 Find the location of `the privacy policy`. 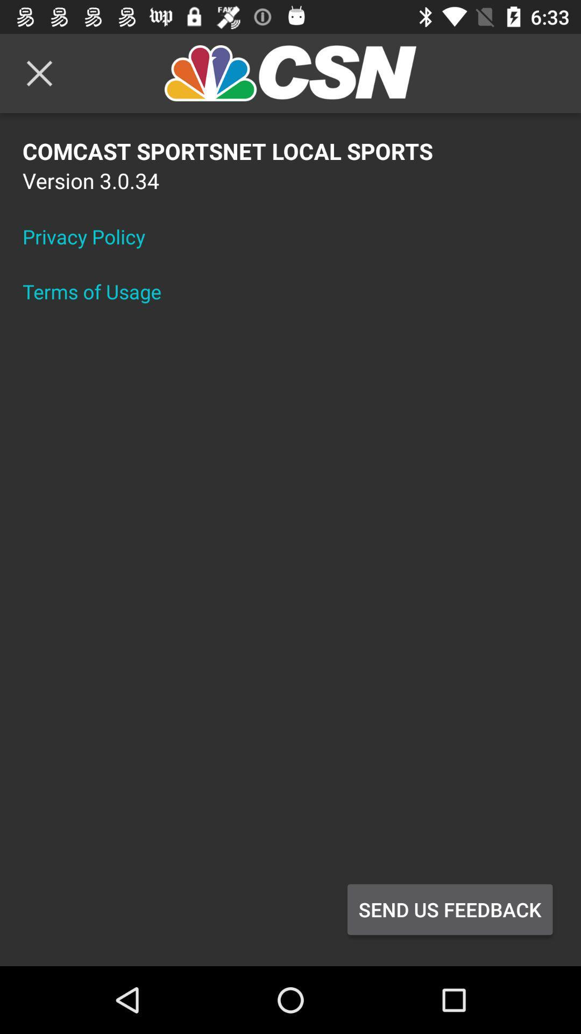

the privacy policy is located at coordinates (90, 236).